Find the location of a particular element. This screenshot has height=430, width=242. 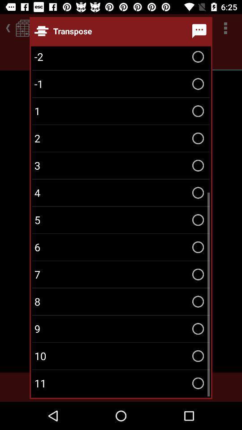

the item below 6 item is located at coordinates (121, 274).